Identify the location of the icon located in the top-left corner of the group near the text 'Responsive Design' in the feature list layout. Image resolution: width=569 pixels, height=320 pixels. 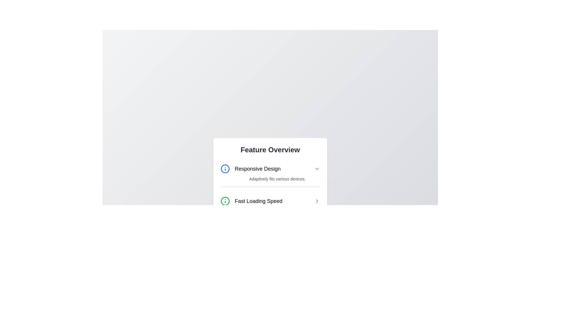
(225, 169).